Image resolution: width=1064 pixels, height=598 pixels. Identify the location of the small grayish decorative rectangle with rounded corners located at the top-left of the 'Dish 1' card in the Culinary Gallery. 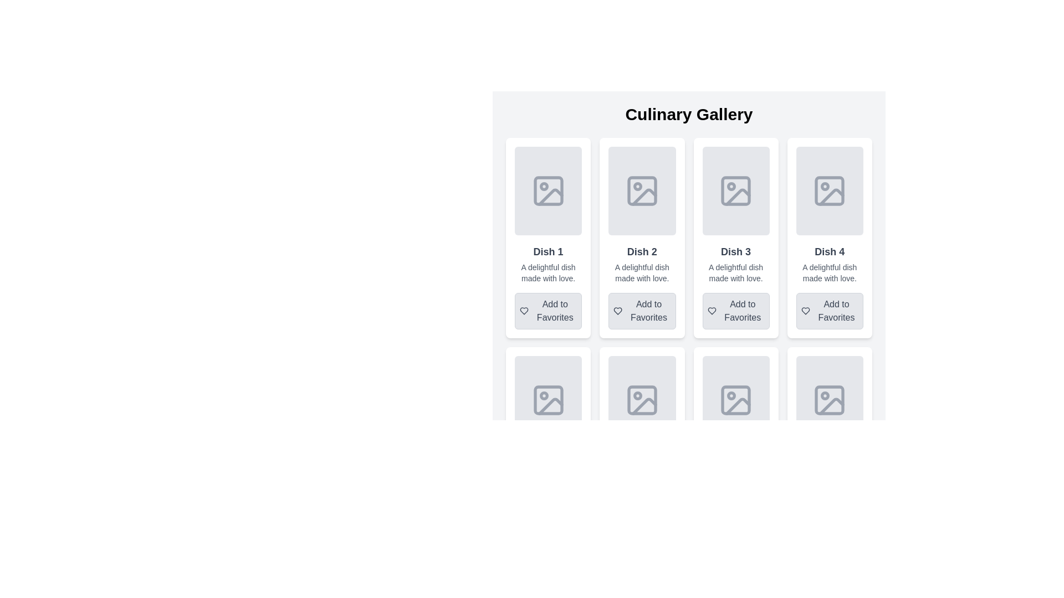
(548, 190).